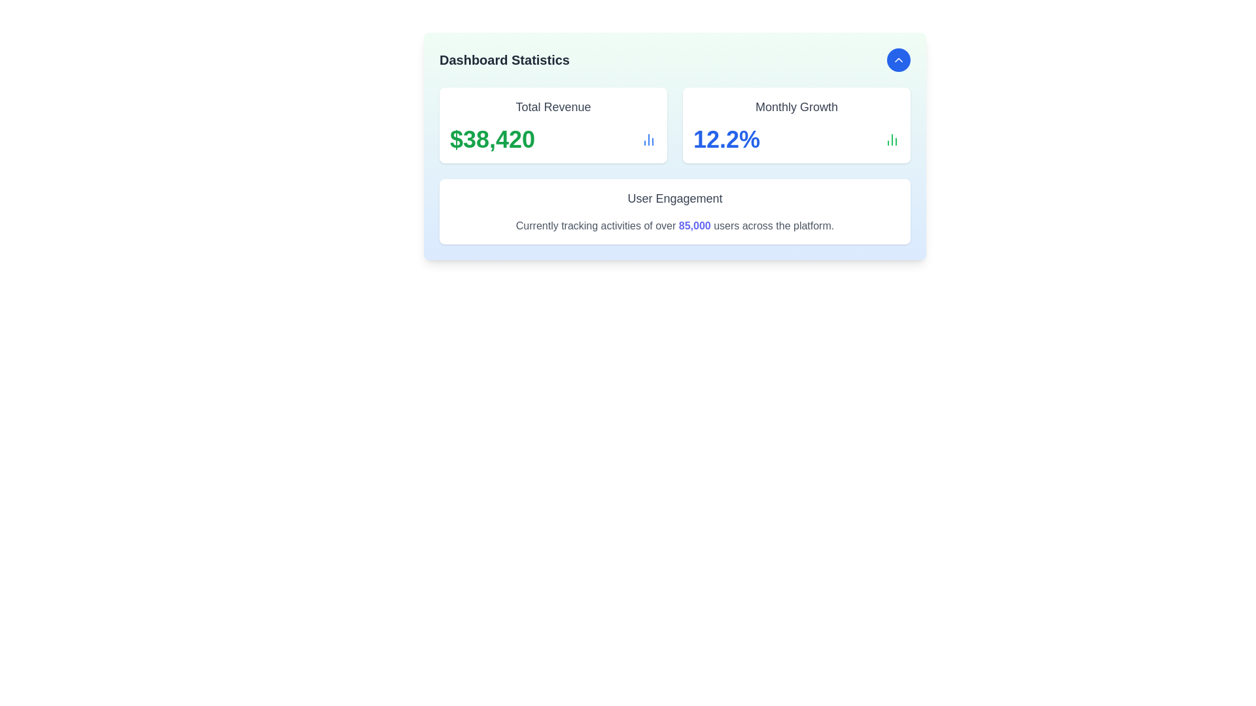 This screenshot has height=706, width=1256. I want to click on the heading text label at the top-left corner of the dashboard, which indicates the content and functionality of the associated section, so click(504, 60).